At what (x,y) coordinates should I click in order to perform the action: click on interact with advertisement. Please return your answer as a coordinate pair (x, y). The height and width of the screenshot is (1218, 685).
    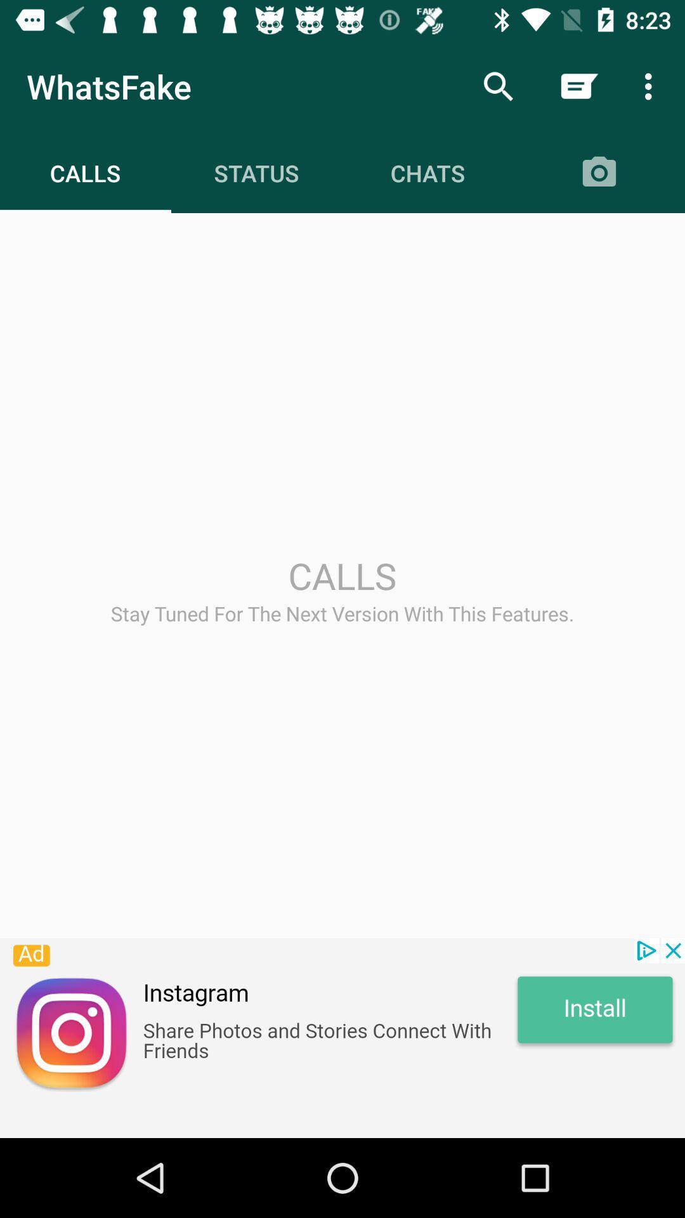
    Looking at the image, I should click on (342, 1038).